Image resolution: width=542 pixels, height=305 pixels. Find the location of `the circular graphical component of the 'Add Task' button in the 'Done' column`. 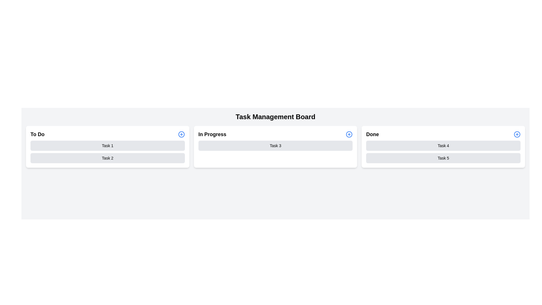

the circular graphical component of the 'Add Task' button in the 'Done' column is located at coordinates (517, 134).